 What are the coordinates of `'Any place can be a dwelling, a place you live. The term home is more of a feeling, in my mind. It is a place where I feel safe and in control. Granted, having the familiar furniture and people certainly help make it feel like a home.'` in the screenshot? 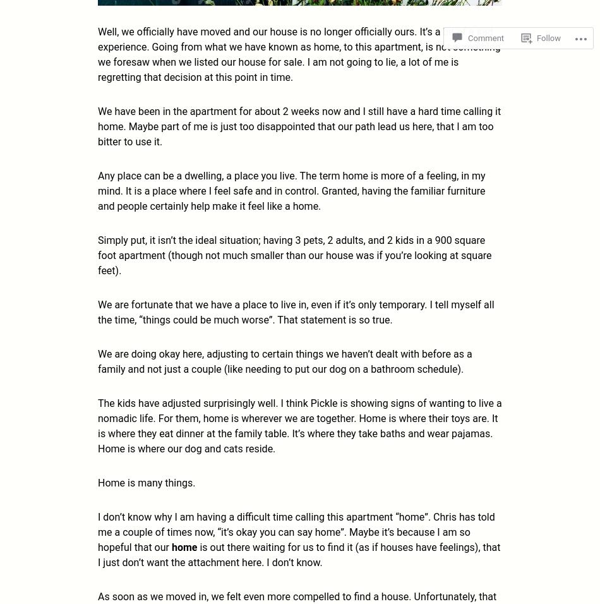 It's located at (291, 190).